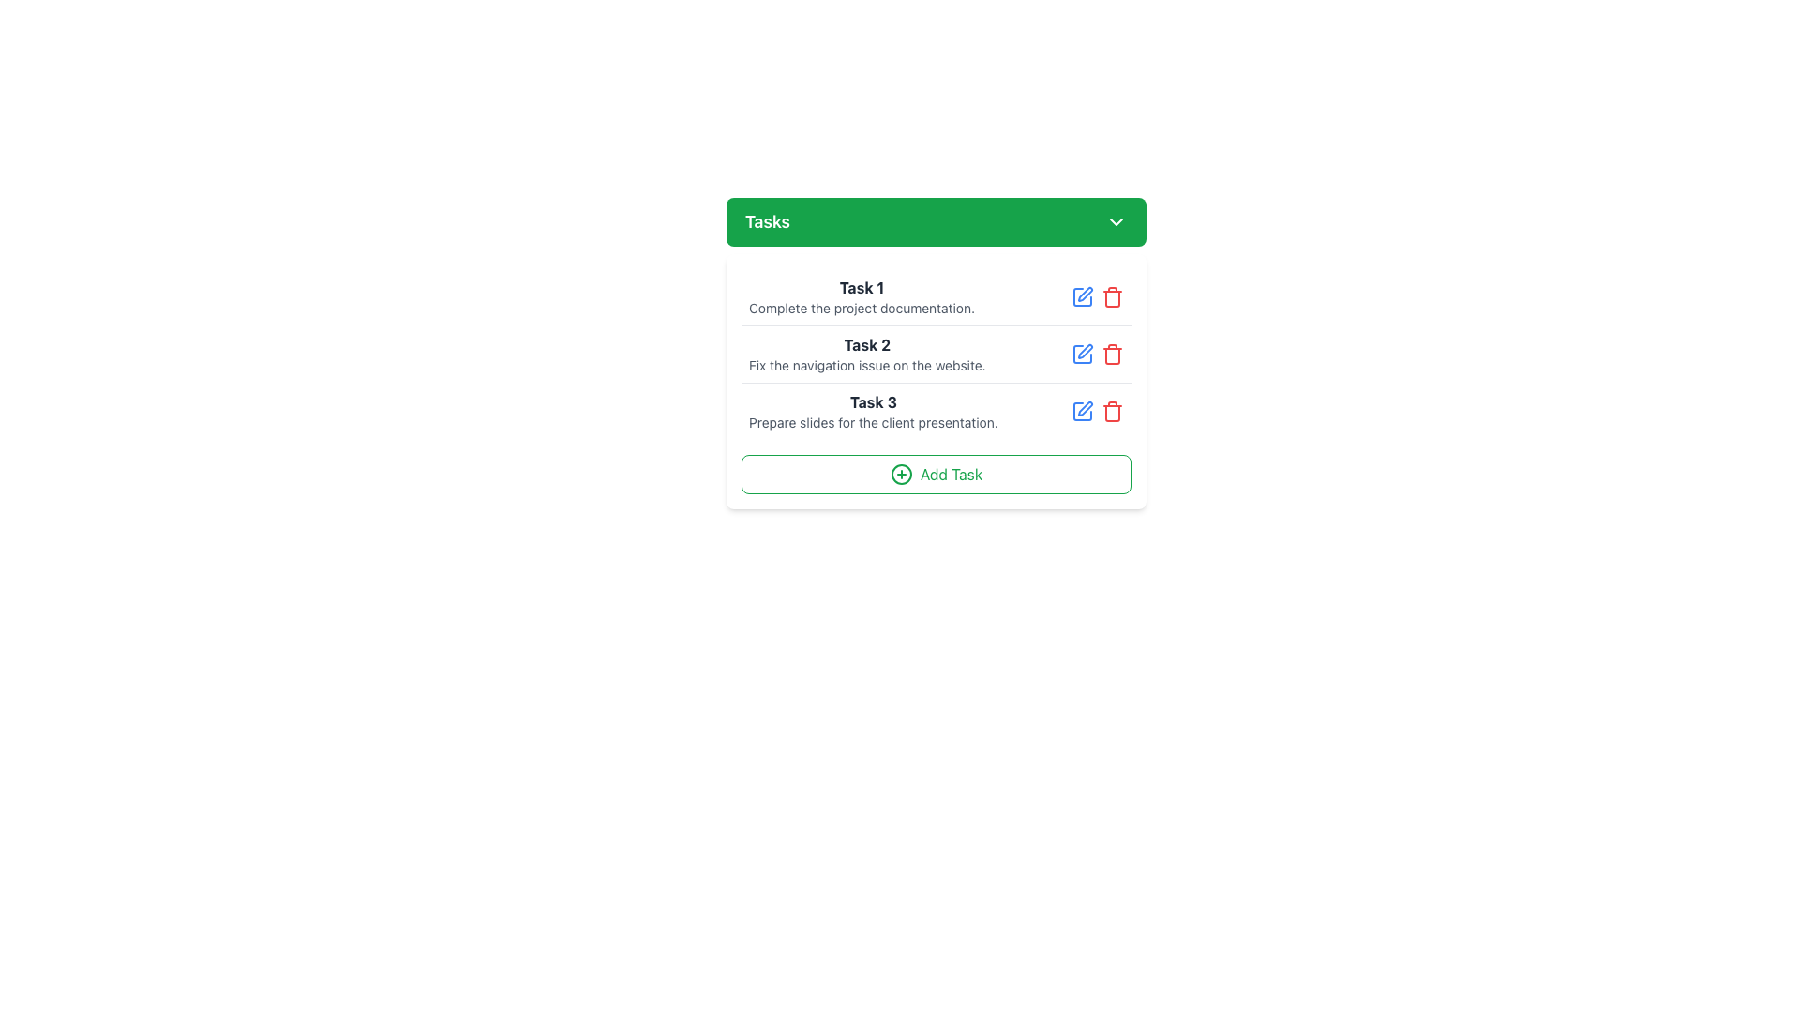 This screenshot has width=1800, height=1013. I want to click on the circular green icon with a plus symbol at the center, located within the 'Add Task' button, so click(901, 473).